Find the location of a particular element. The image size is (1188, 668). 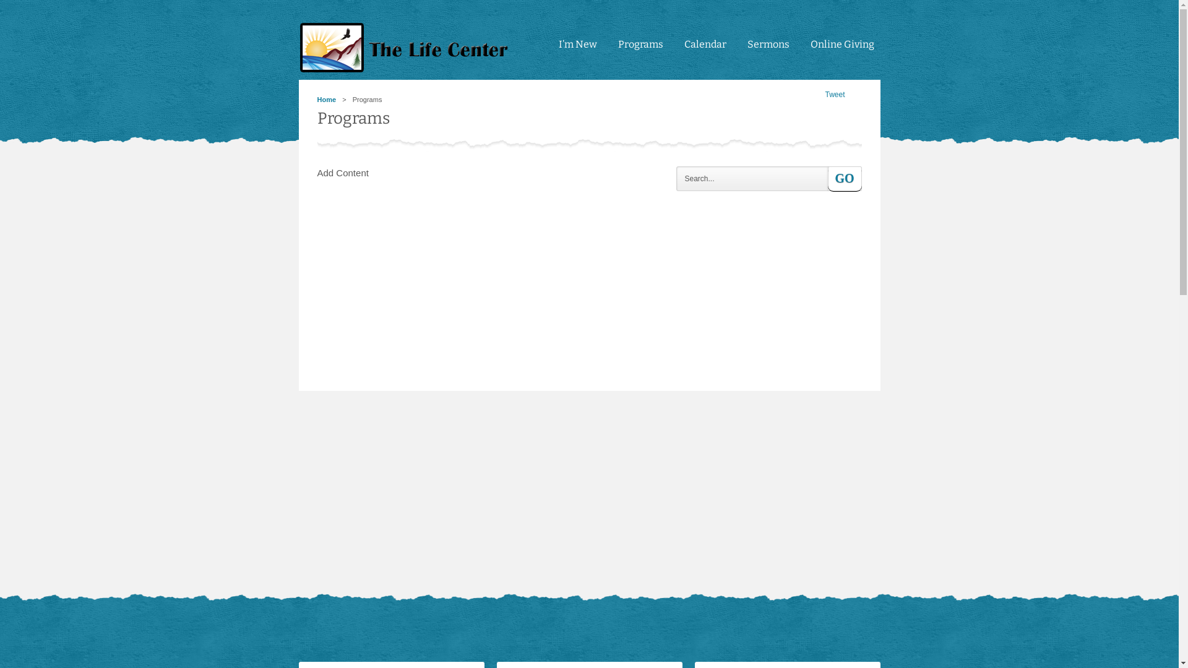

'Sermons' is located at coordinates (768, 49).